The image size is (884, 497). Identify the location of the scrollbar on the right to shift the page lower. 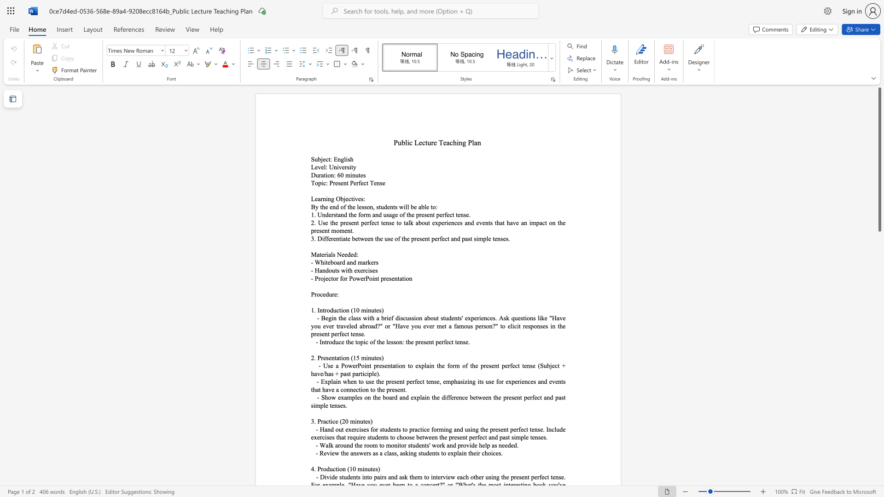
(879, 387).